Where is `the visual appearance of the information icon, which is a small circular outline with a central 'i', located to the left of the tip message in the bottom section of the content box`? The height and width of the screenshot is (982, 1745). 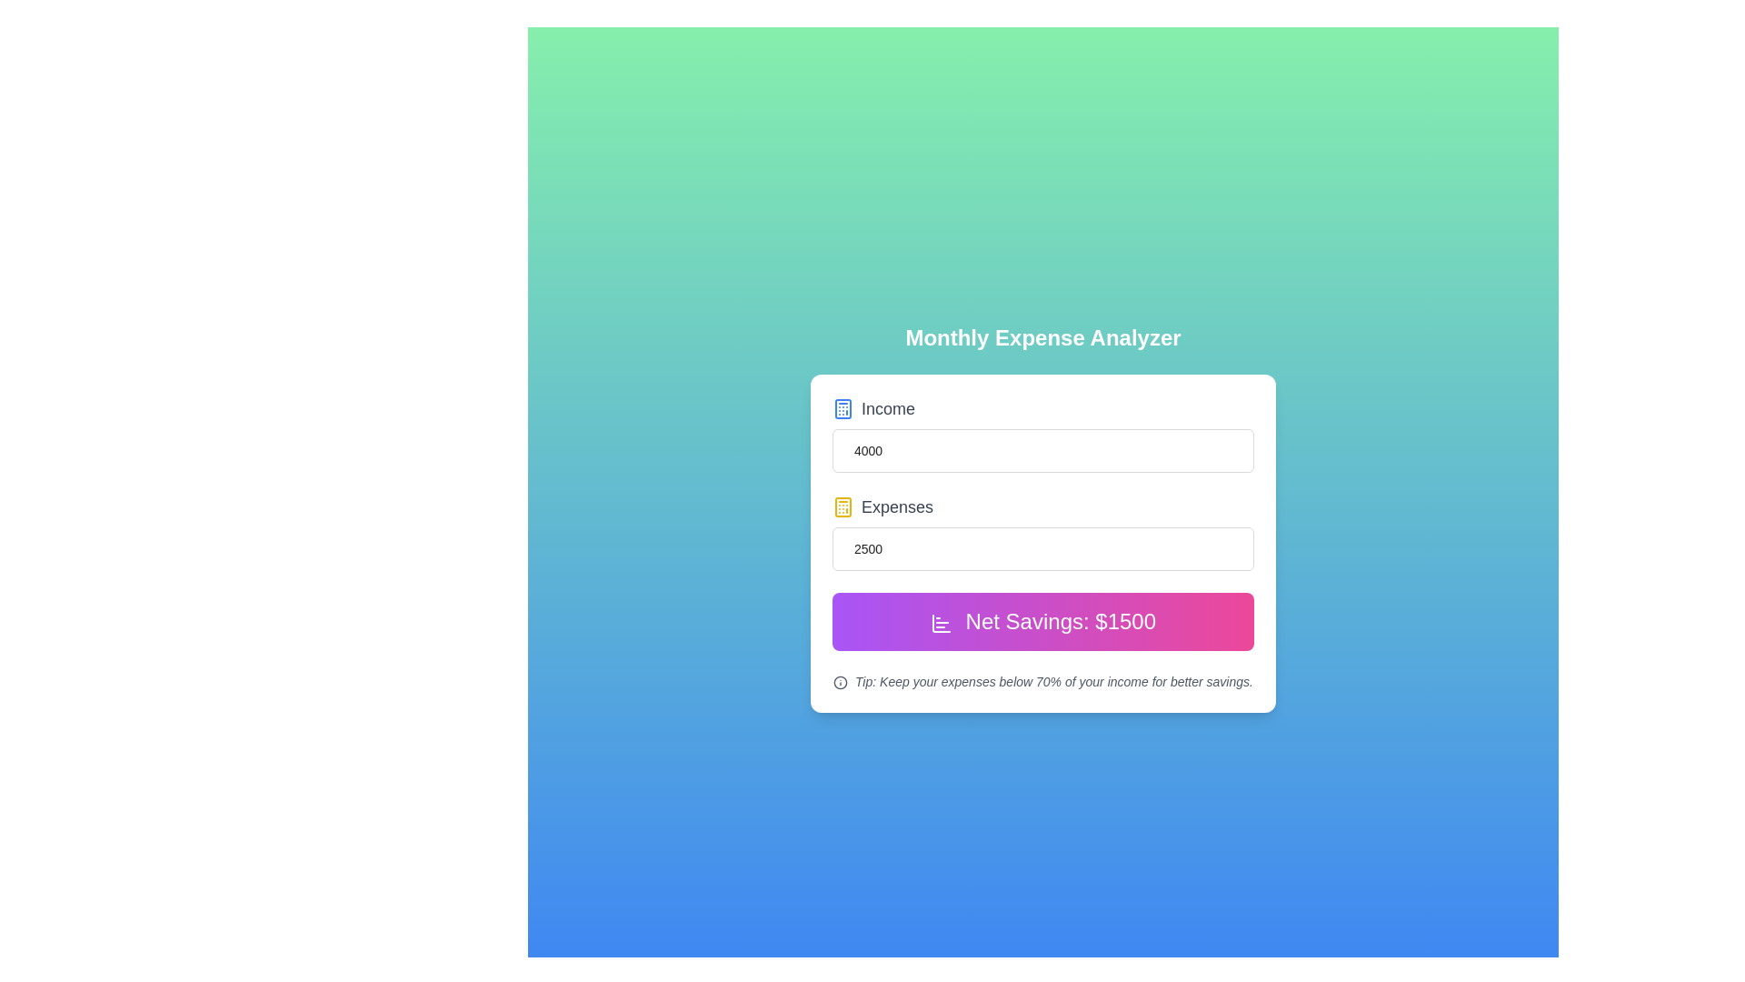
the visual appearance of the information icon, which is a small circular outline with a central 'i', located to the left of the tip message in the bottom section of the content box is located at coordinates (840, 683).